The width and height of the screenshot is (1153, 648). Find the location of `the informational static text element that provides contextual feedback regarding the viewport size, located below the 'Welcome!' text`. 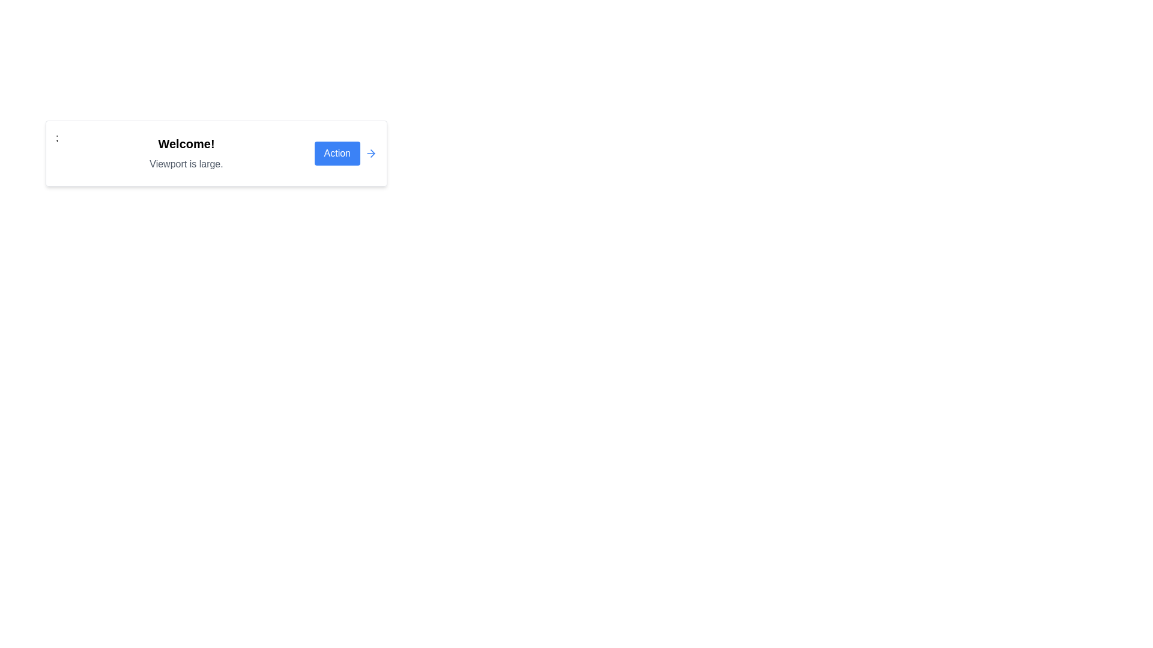

the informational static text element that provides contextual feedback regarding the viewport size, located below the 'Welcome!' text is located at coordinates (186, 164).